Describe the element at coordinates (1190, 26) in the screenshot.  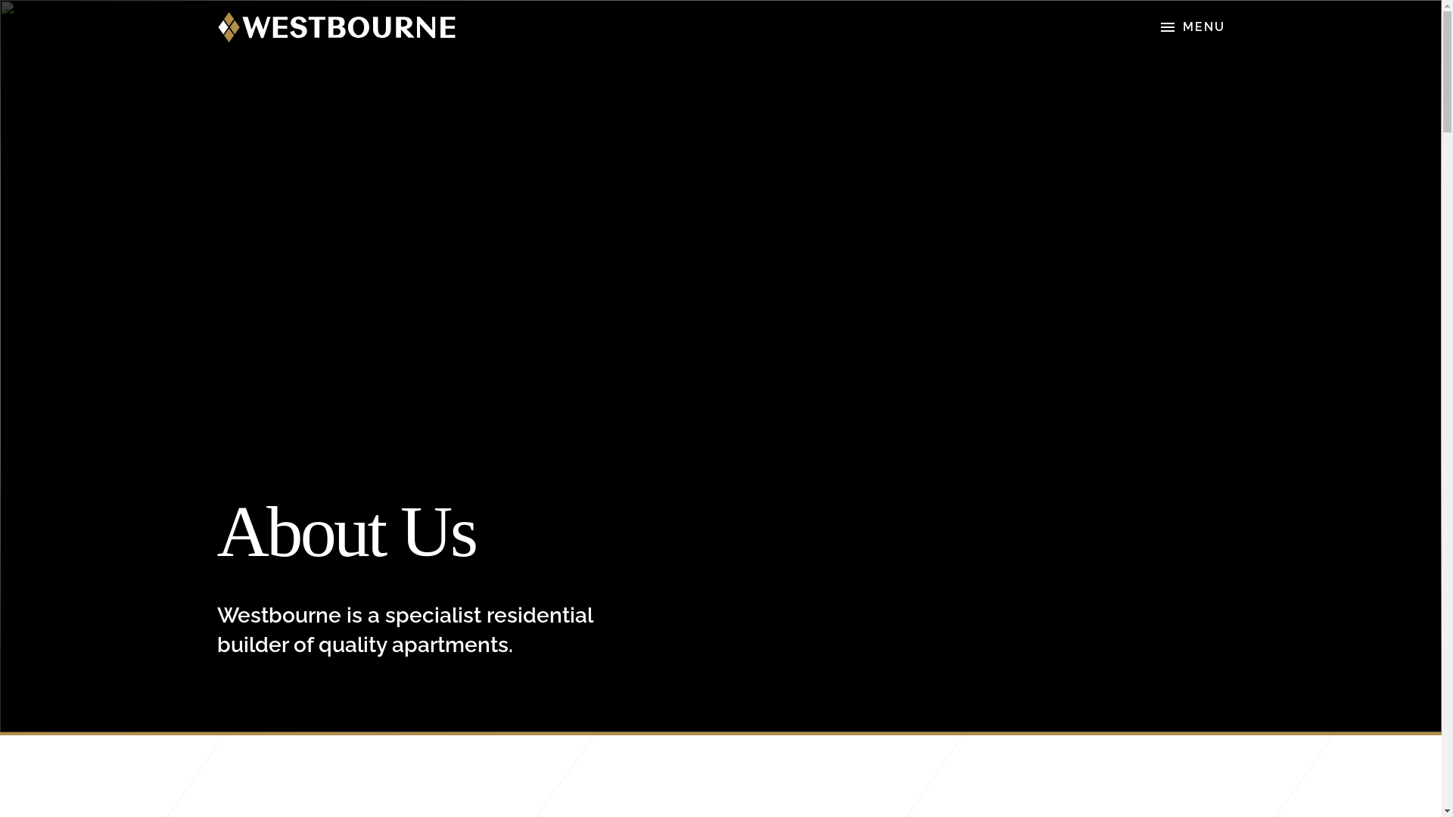
I see `'MENU'` at that location.